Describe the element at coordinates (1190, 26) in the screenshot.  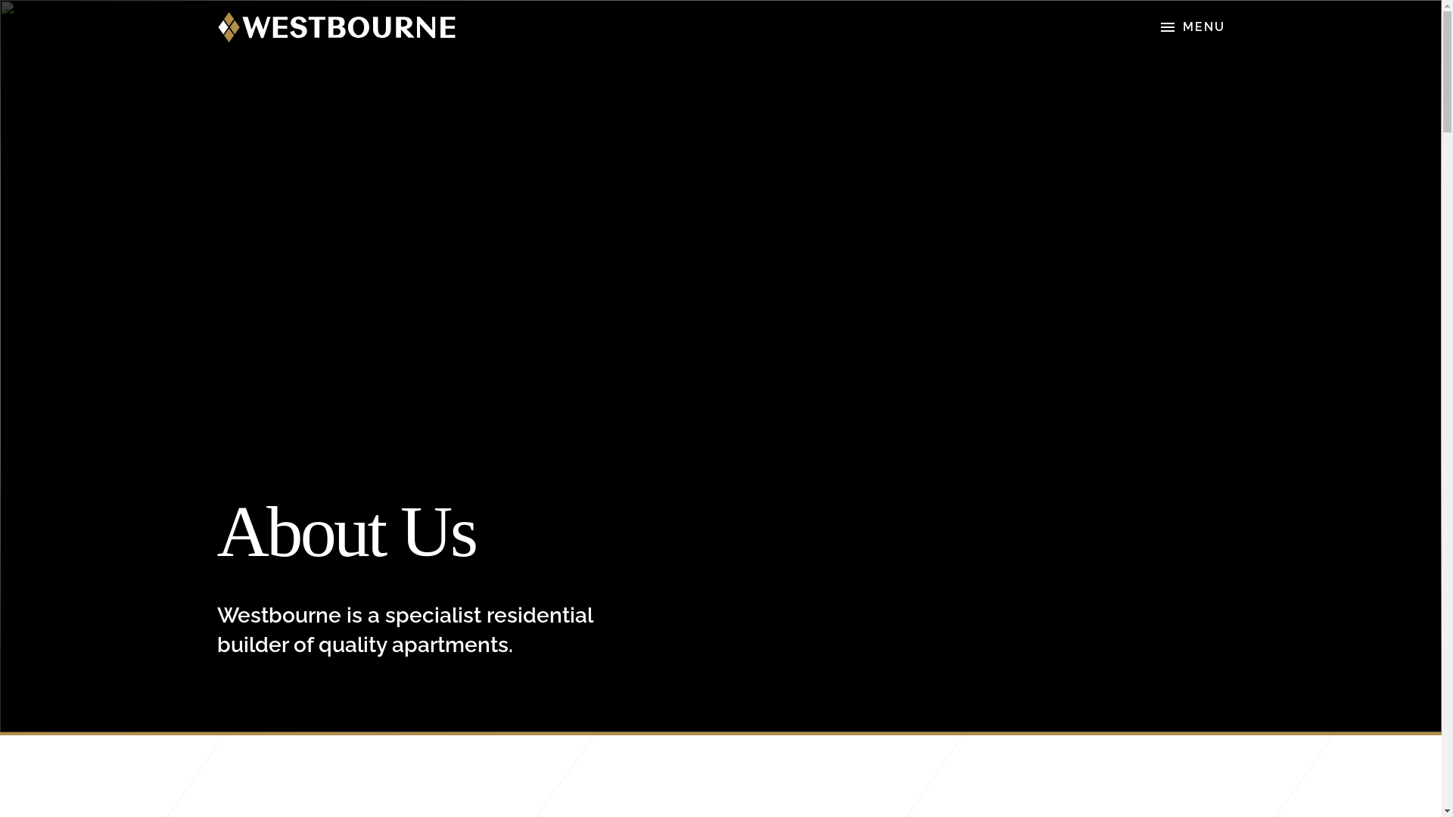
I see `'MENU'` at that location.